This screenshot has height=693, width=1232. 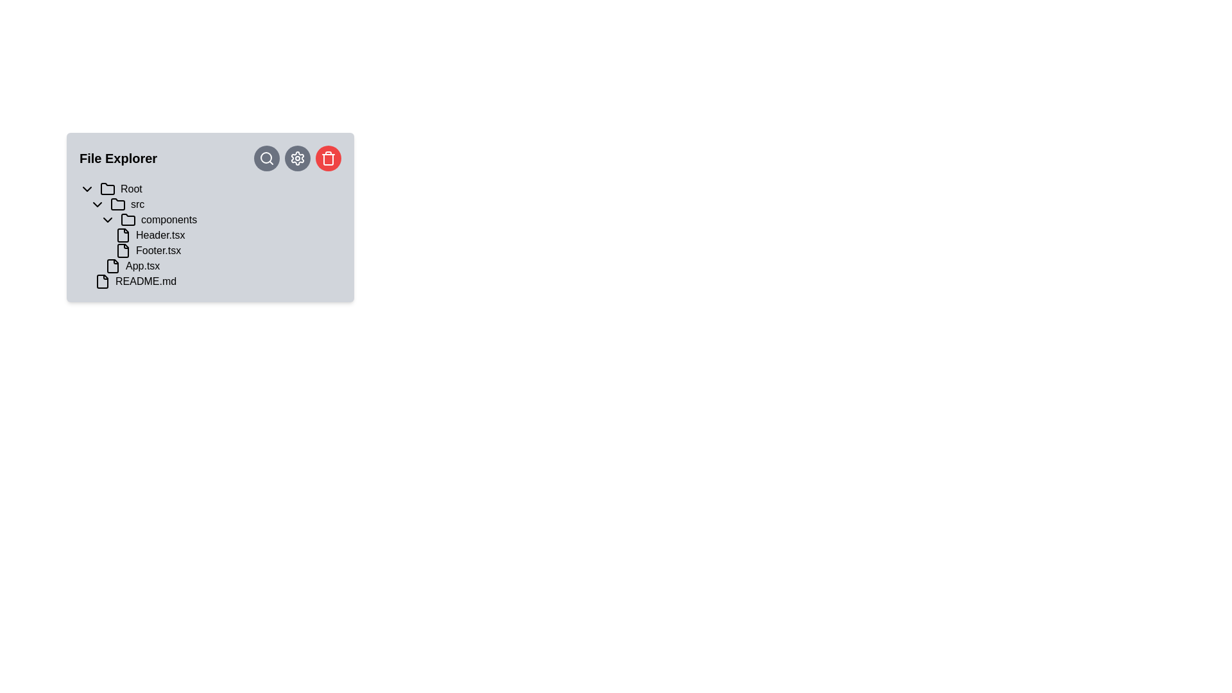 What do you see at coordinates (266, 157) in the screenshot?
I see `the magnifying glass icon button, which is the first button from the left in a row of circular buttons at the top-right corner of the 'File Explorer' component` at bounding box center [266, 157].